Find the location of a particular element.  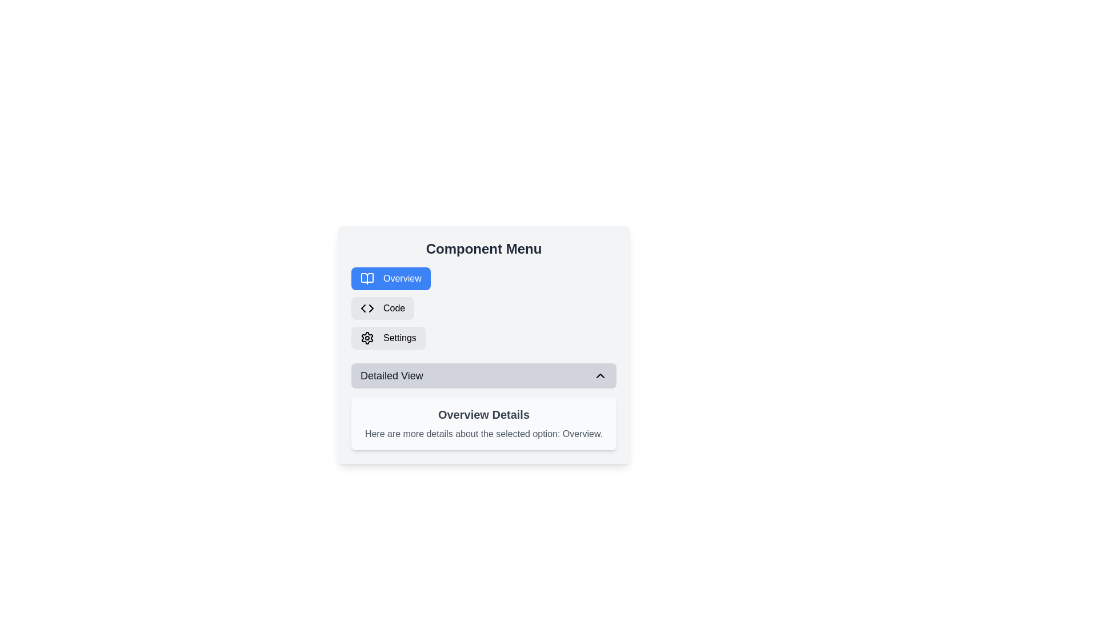

the 'Code' button, which features a rounded rectangular shape with a light gray background and a pair of code brackets icon on the left is located at coordinates (383, 308).